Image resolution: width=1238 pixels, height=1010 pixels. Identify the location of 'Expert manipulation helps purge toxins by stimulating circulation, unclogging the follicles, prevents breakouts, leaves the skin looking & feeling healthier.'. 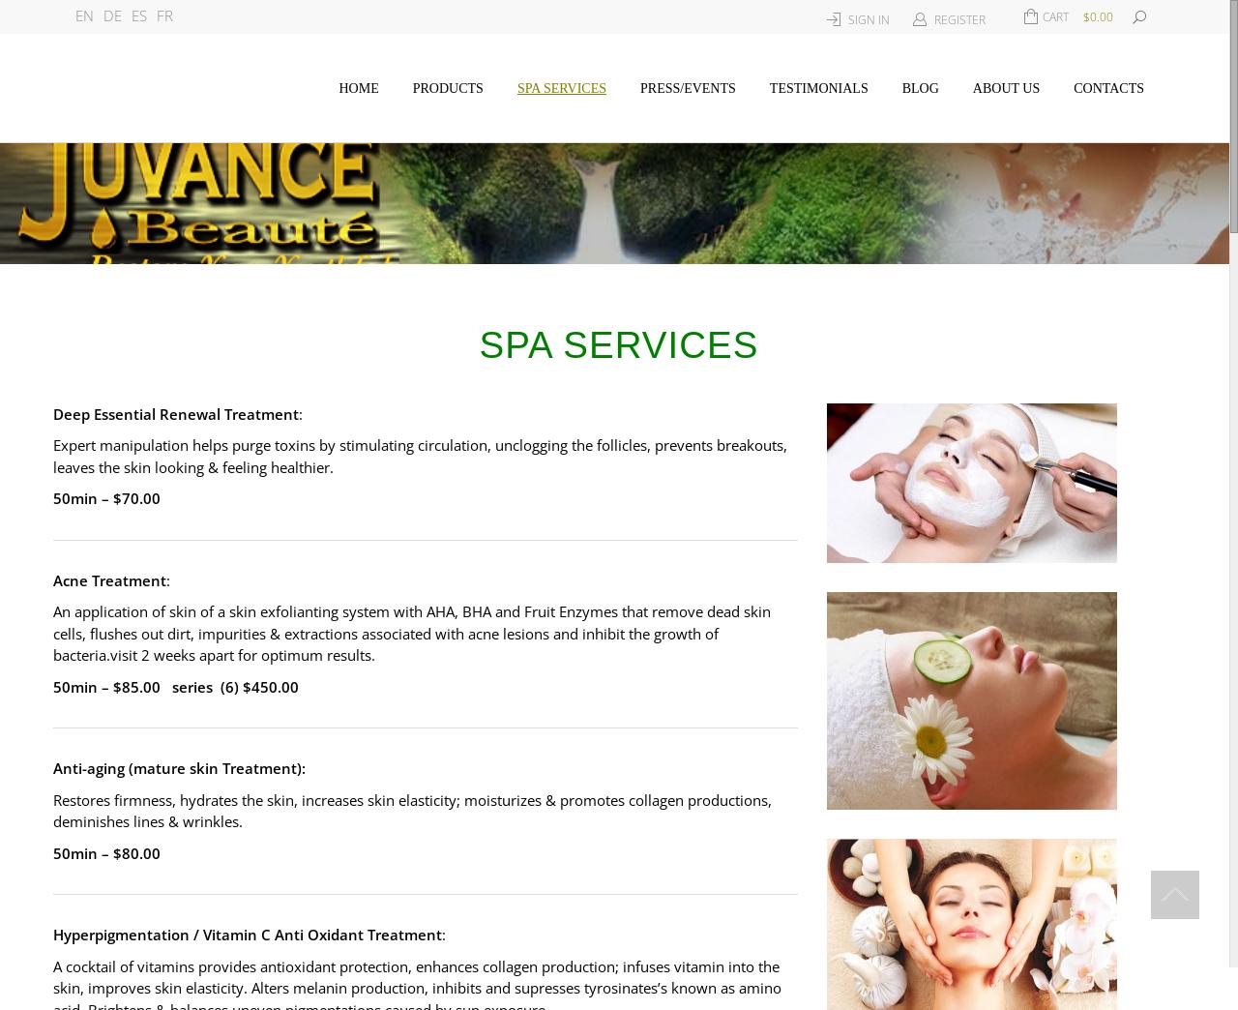
(419, 455).